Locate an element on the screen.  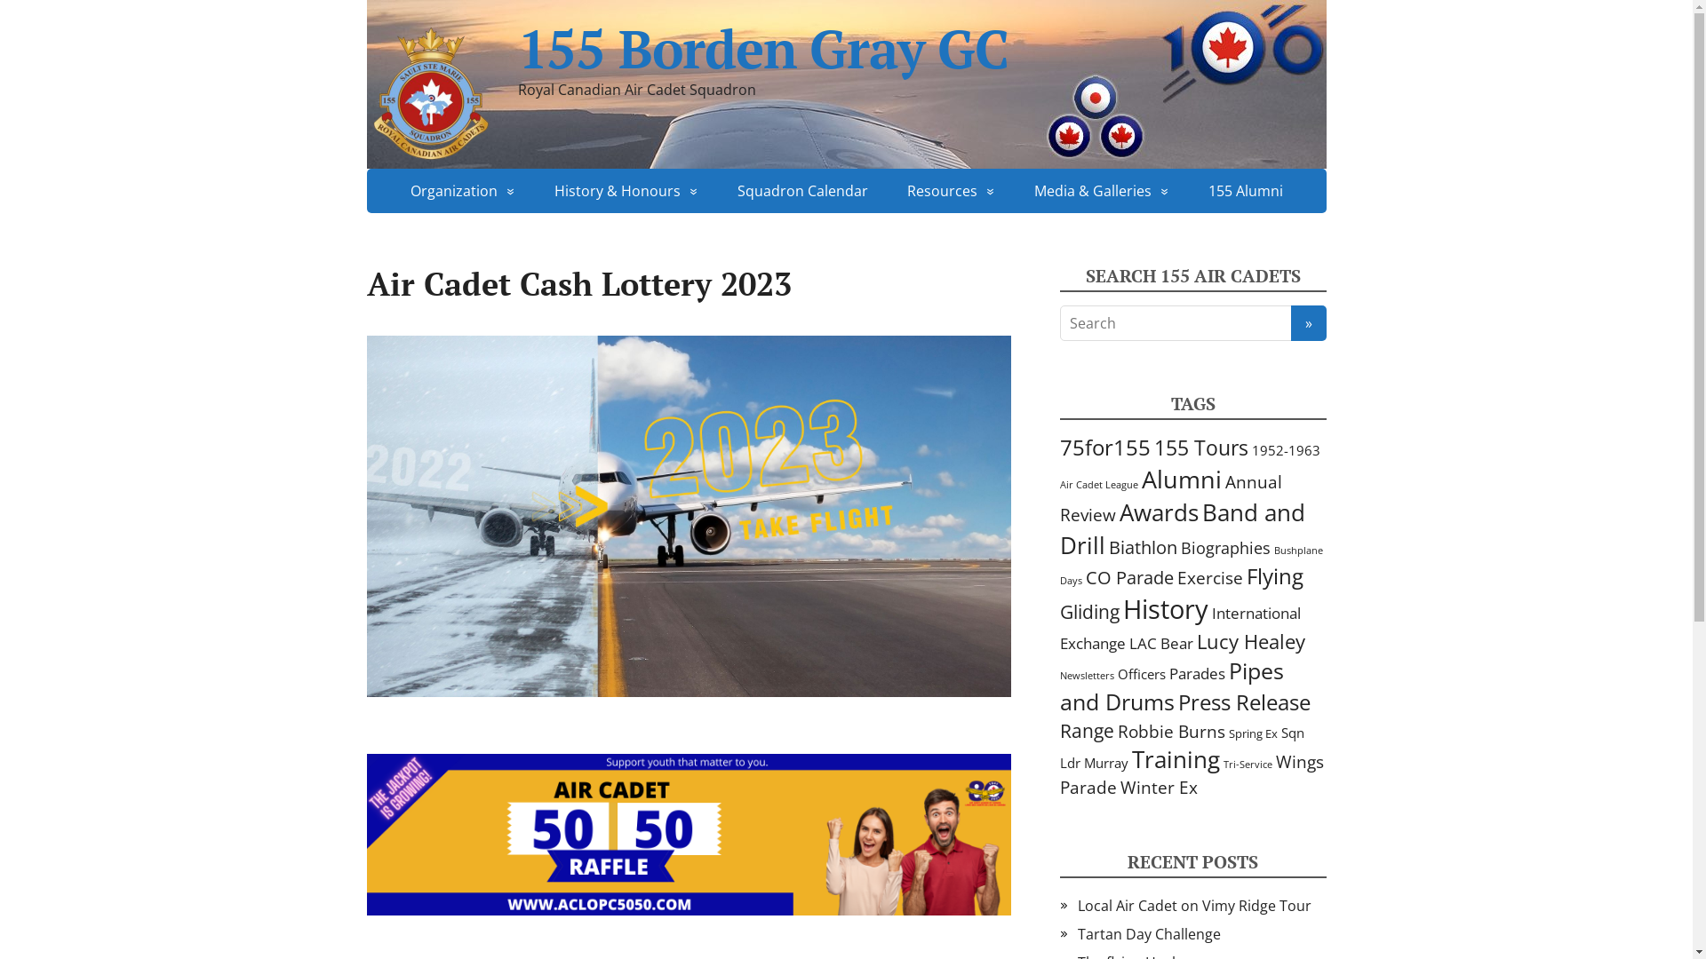
'History & Honours' is located at coordinates (626, 191).